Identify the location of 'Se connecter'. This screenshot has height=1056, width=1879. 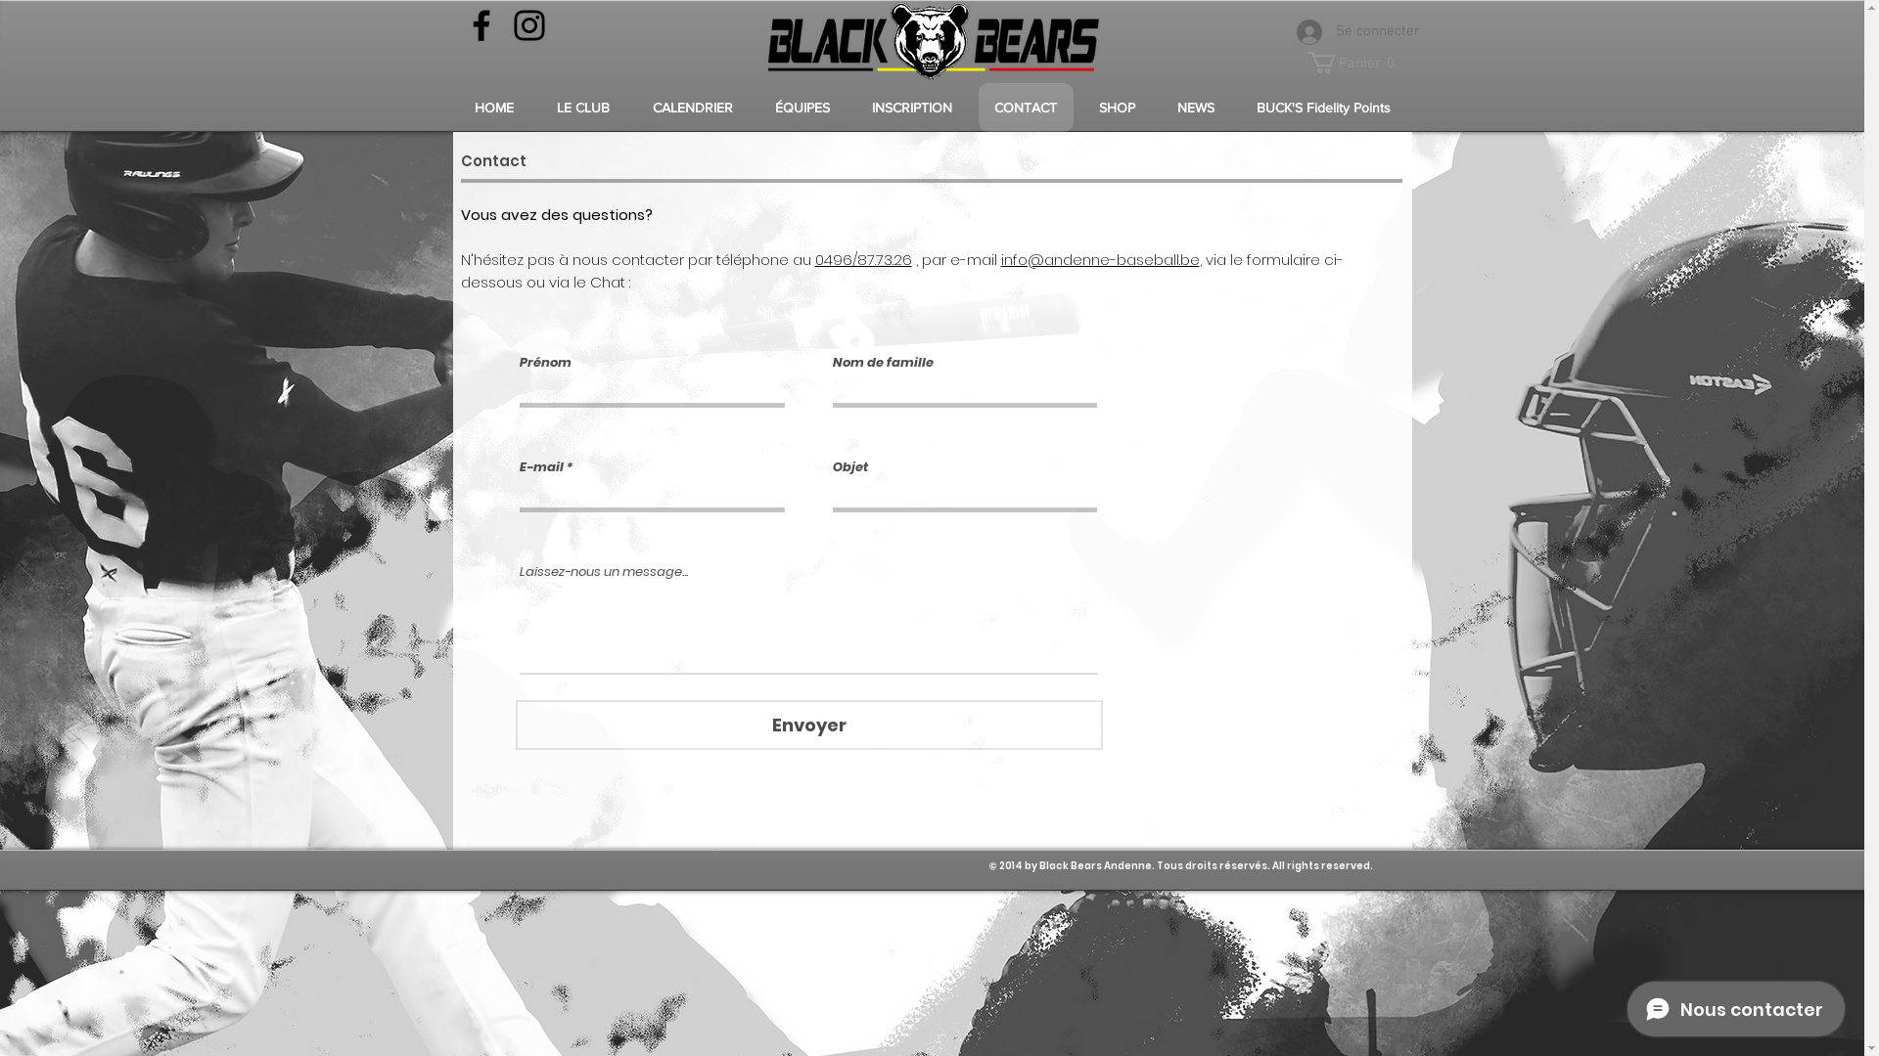
(1339, 32).